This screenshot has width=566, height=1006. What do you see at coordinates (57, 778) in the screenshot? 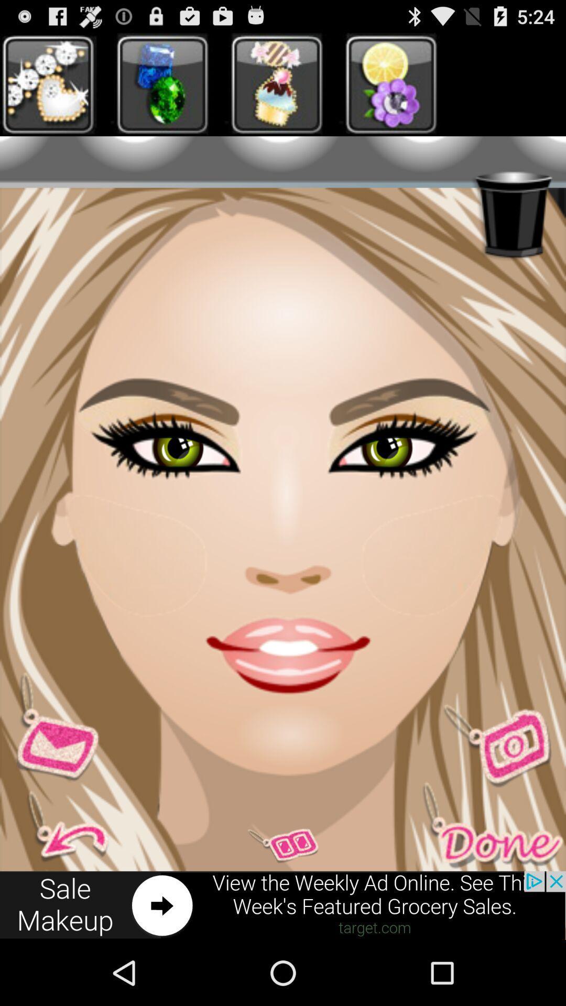
I see `the email icon` at bounding box center [57, 778].